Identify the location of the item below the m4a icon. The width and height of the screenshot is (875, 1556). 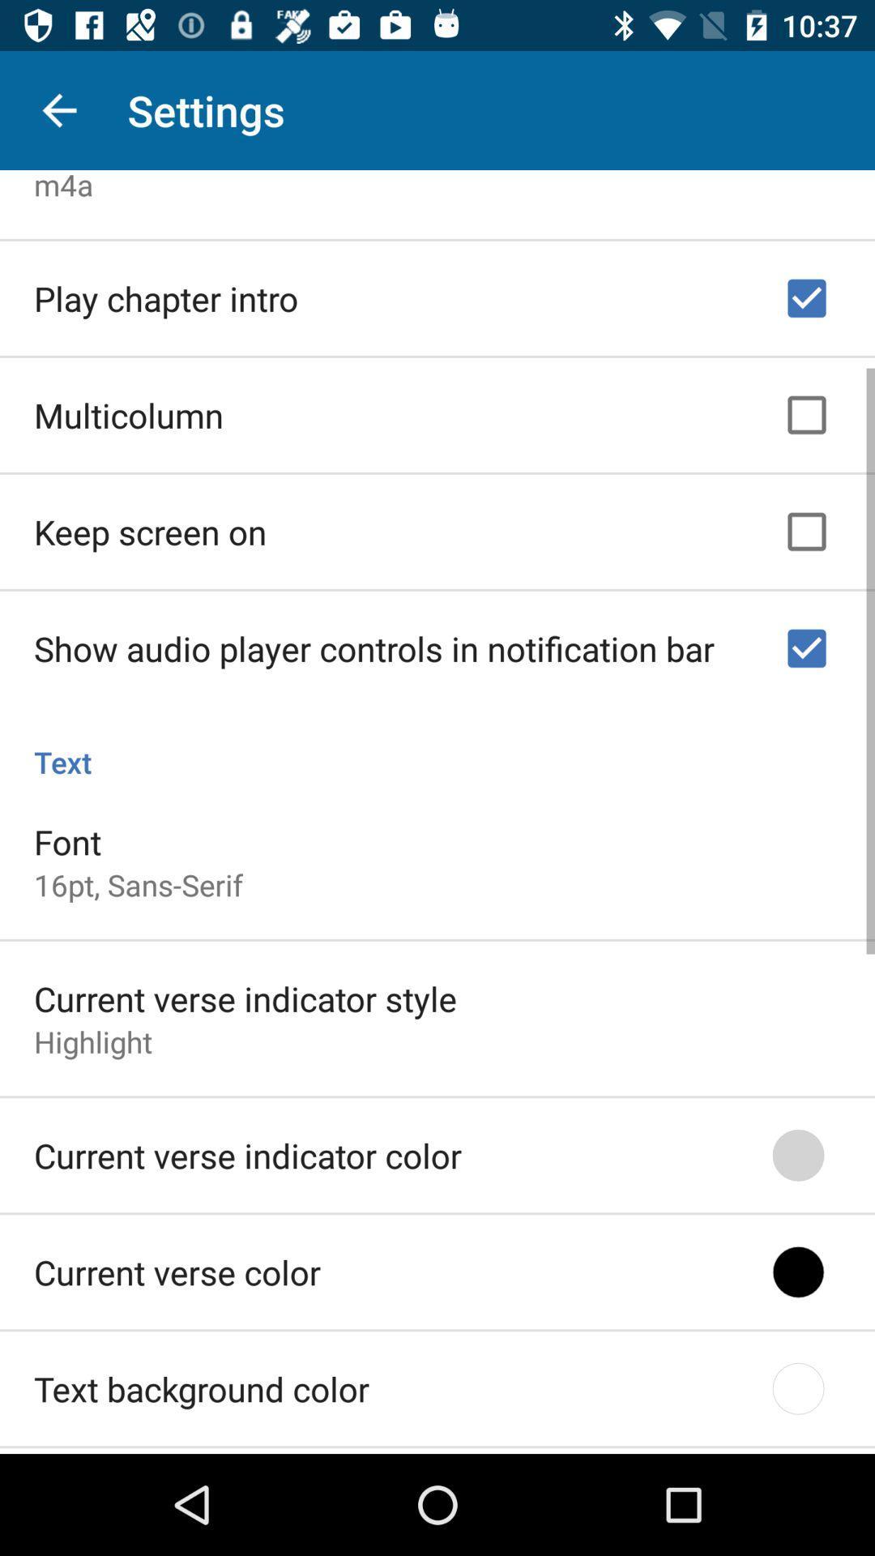
(166, 293).